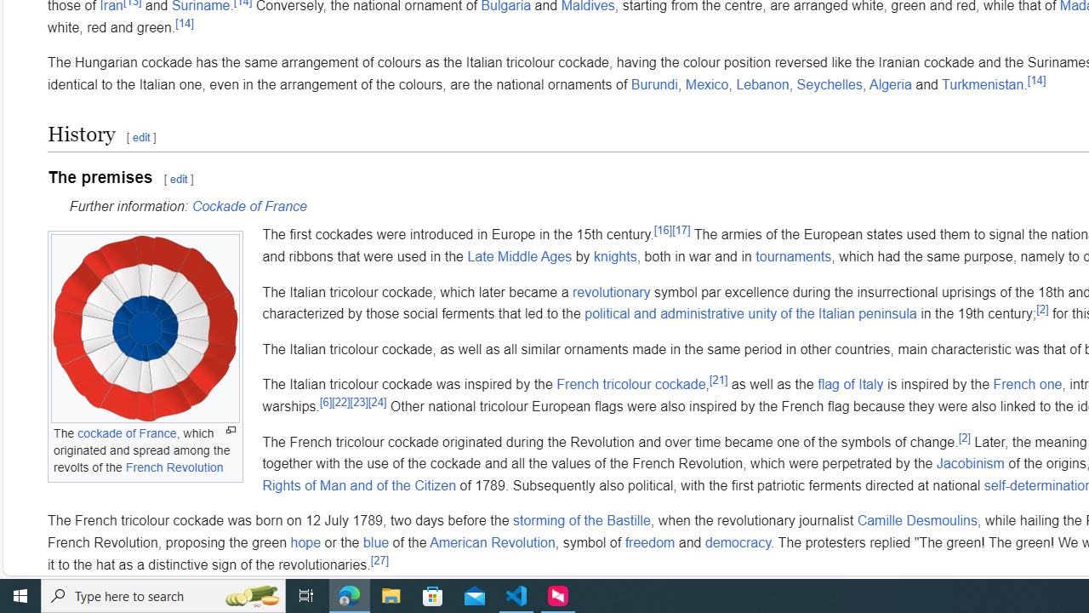 This screenshot has height=613, width=1089. What do you see at coordinates (630, 384) in the screenshot?
I see `'French tricolour cockade'` at bounding box center [630, 384].